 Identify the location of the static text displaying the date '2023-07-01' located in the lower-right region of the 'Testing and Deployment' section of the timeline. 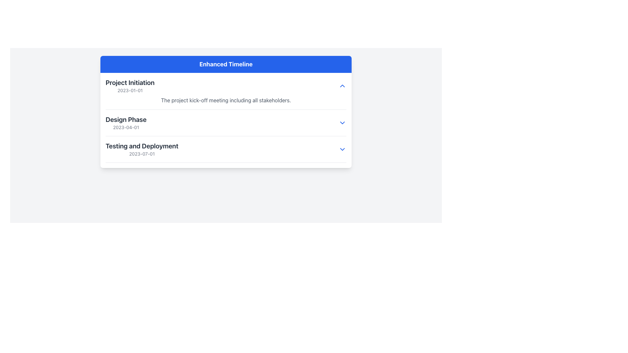
(142, 154).